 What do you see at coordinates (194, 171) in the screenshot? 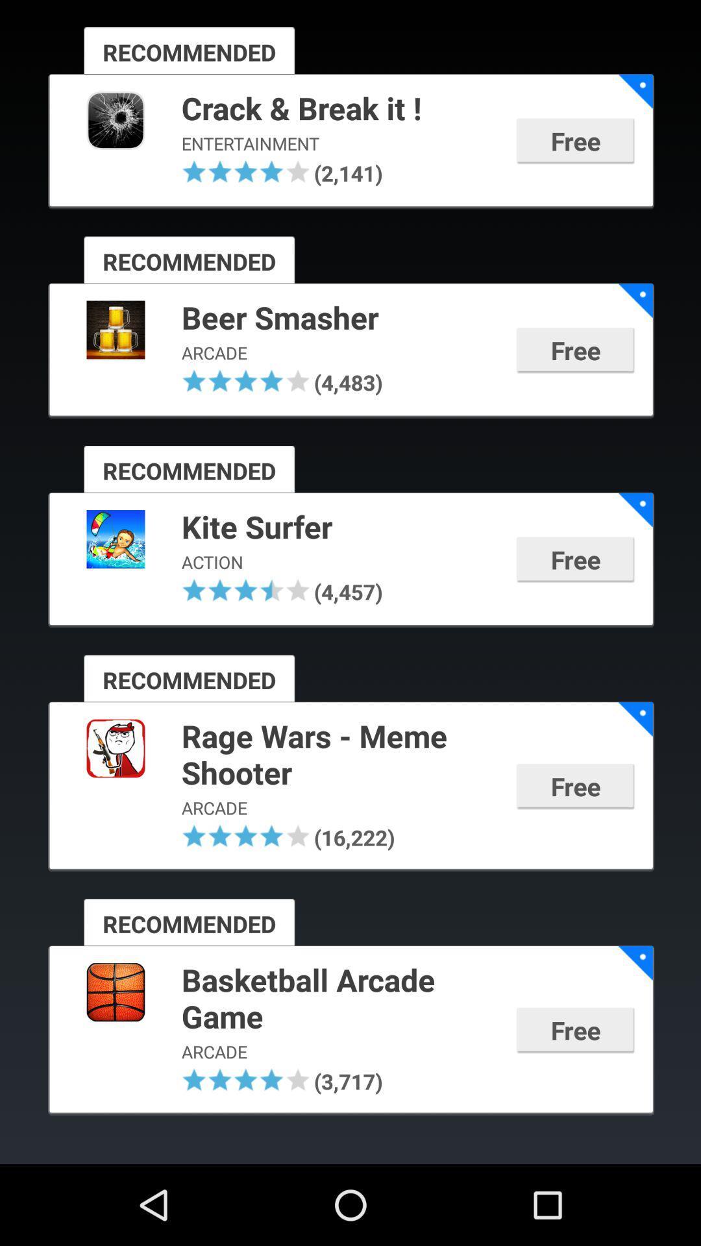
I see `the item above the recommended icon` at bounding box center [194, 171].